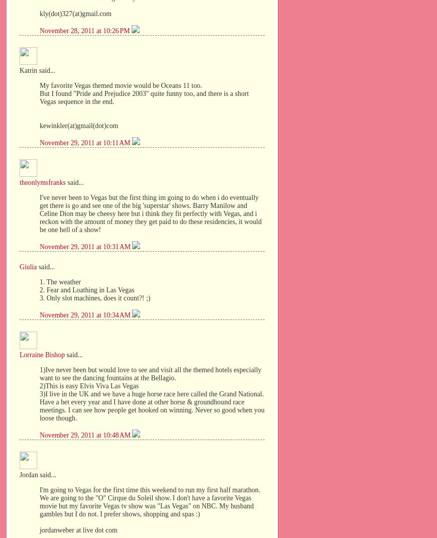 The height and width of the screenshot is (538, 437). What do you see at coordinates (39, 84) in the screenshot?
I see `'My favorite Vegas themed movie would be Oceans 11 too.'` at bounding box center [39, 84].